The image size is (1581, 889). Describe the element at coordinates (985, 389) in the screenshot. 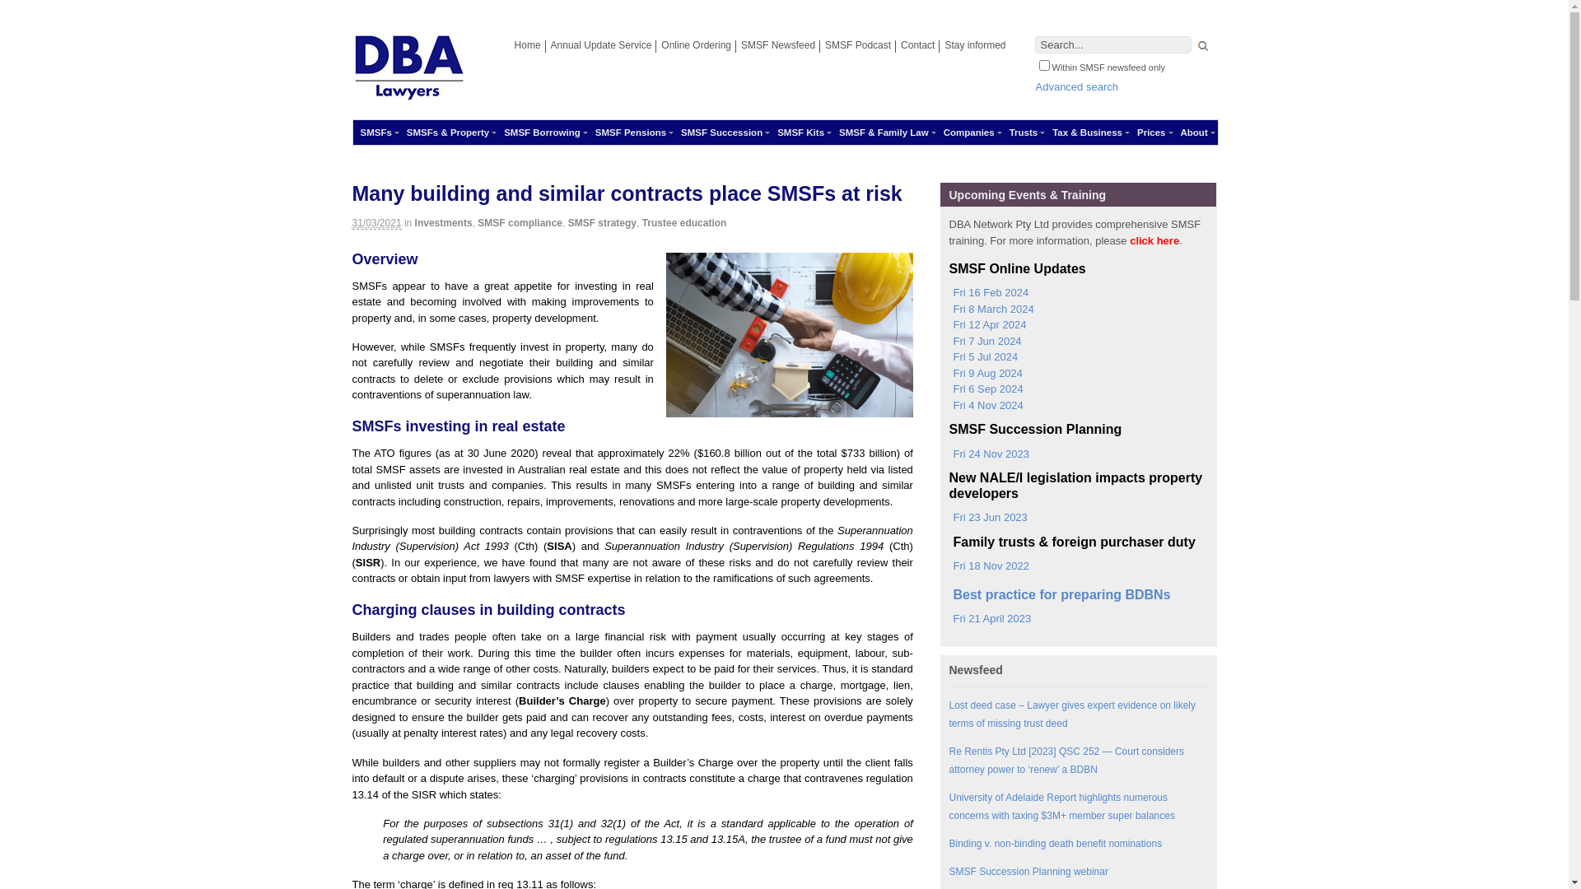

I see `'Fri 6 Sep 2024'` at that location.